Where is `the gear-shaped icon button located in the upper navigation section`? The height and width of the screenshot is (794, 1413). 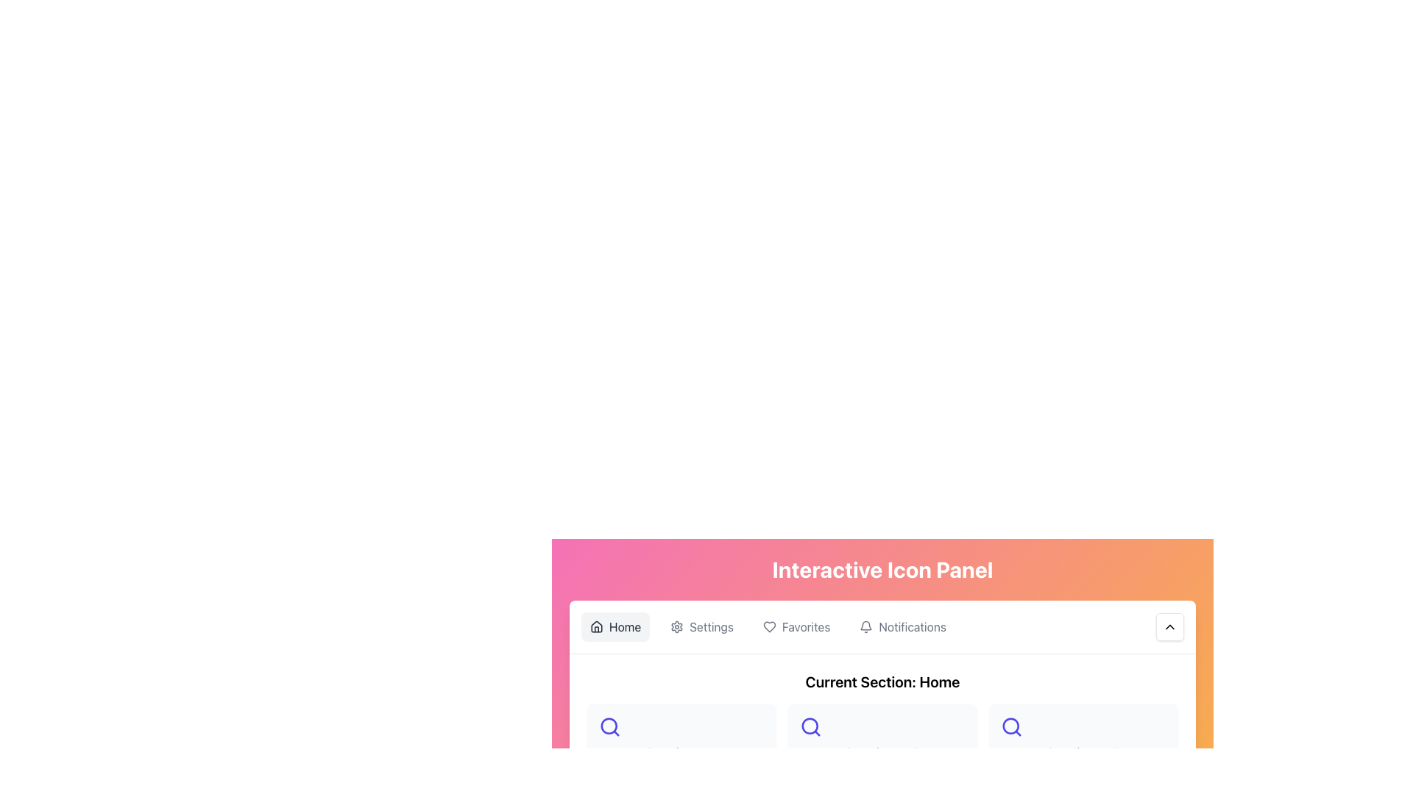 the gear-shaped icon button located in the upper navigation section is located at coordinates (676, 626).